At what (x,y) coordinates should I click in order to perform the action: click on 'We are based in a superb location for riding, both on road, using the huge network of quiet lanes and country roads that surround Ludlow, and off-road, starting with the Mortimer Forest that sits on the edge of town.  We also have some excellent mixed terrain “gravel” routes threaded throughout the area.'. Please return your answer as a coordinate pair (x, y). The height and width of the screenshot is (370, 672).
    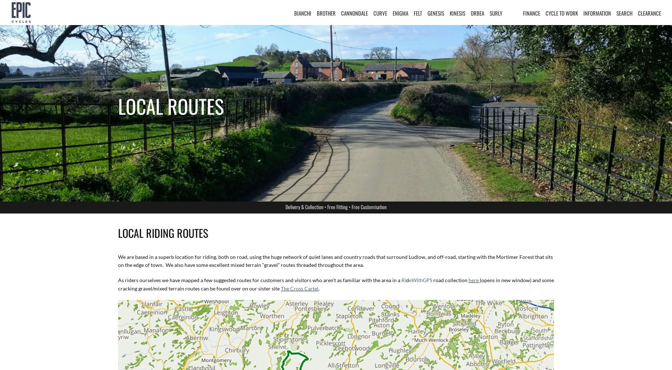
    Looking at the image, I should click on (335, 260).